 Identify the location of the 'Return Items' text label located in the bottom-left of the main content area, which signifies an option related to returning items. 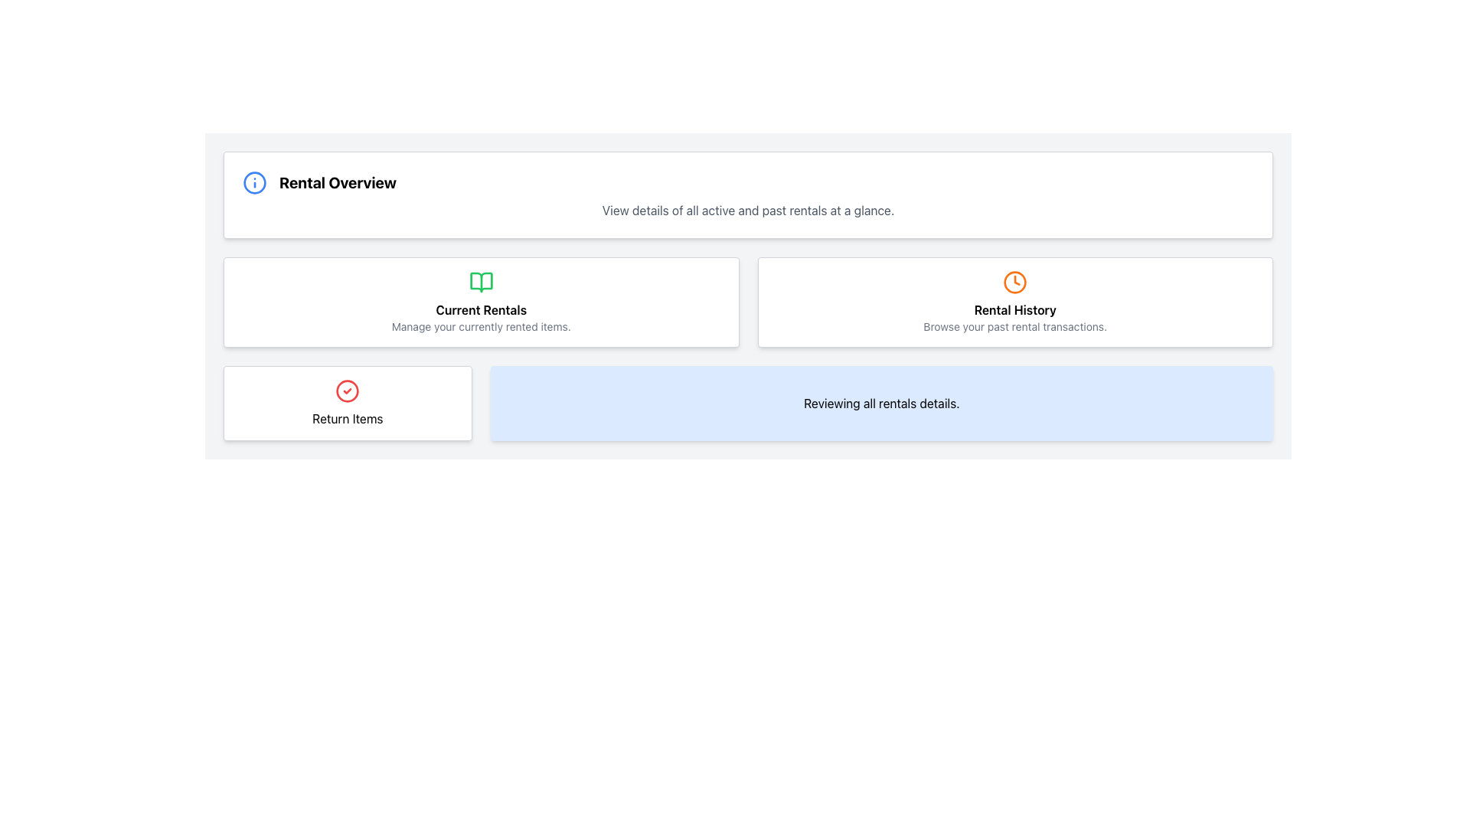
(347, 419).